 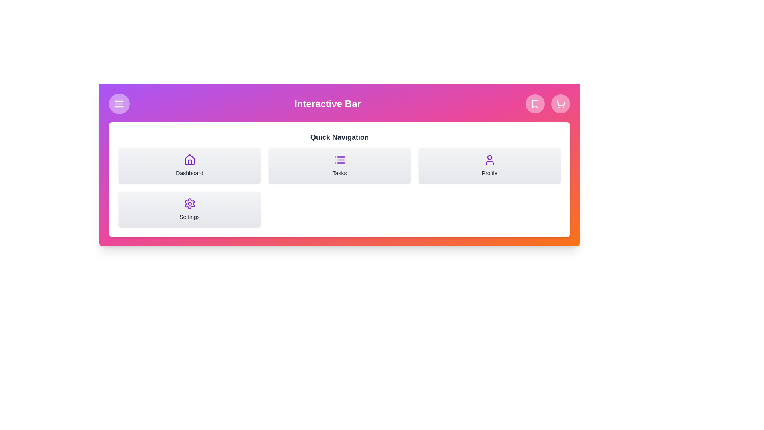 I want to click on the menu button to toggle the visibility of the navigation menu, so click(x=119, y=104).